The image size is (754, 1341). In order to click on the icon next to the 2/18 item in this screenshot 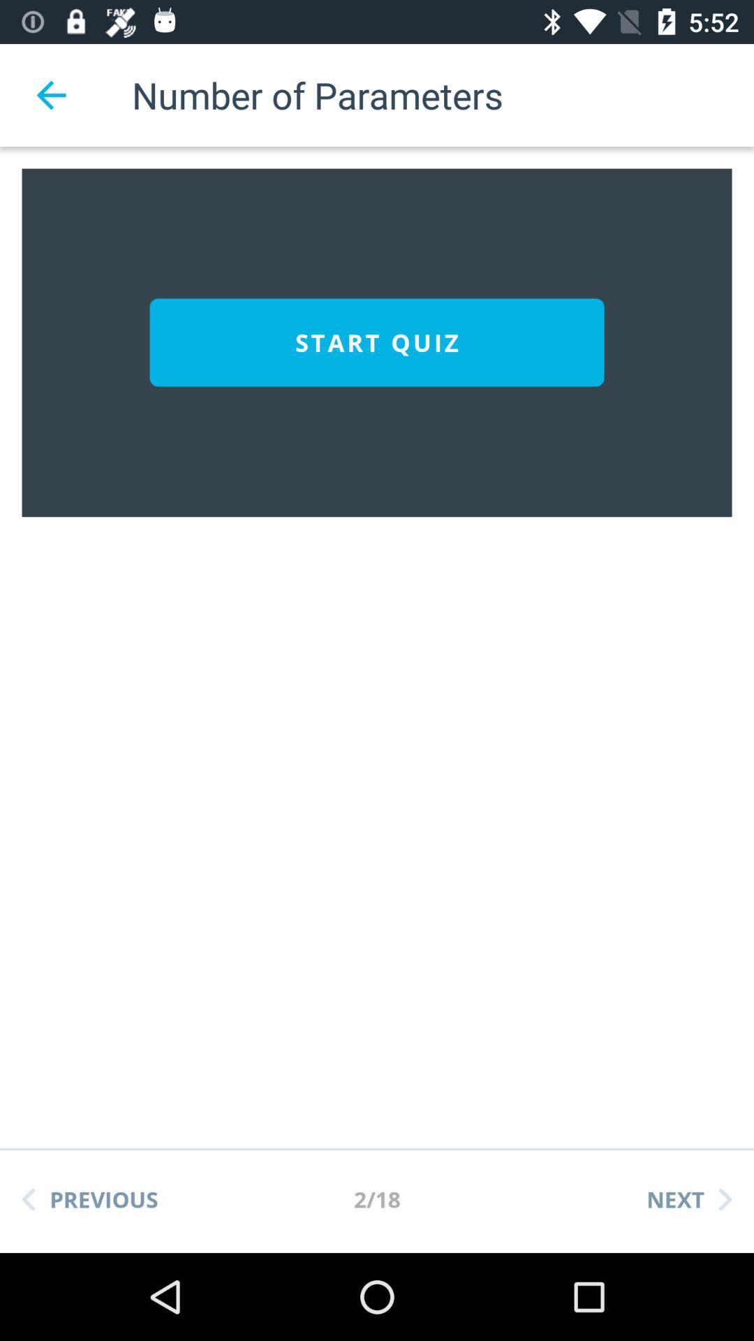, I will do `click(688, 1199)`.